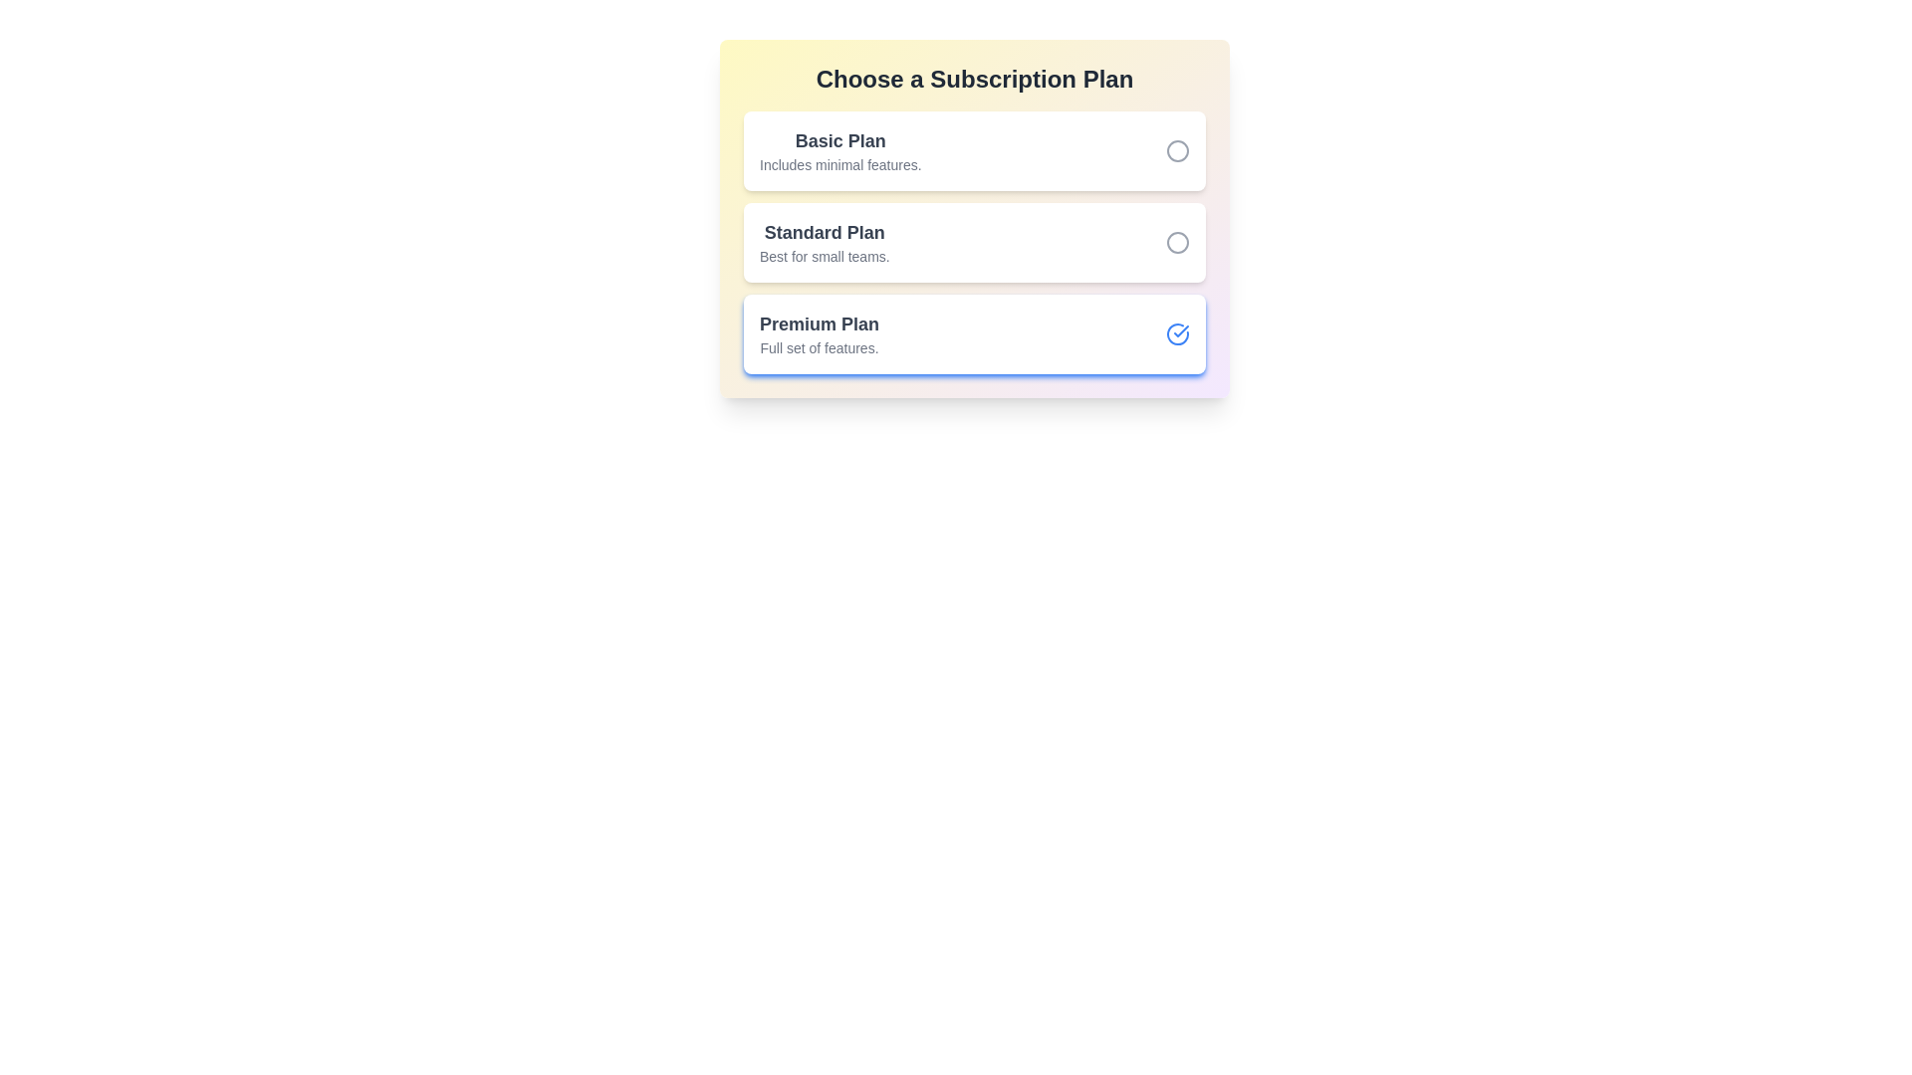 The image size is (1912, 1075). Describe the element at coordinates (1177, 241) in the screenshot. I see `the subscription plan Standard Plan by clicking its corresponding button` at that location.